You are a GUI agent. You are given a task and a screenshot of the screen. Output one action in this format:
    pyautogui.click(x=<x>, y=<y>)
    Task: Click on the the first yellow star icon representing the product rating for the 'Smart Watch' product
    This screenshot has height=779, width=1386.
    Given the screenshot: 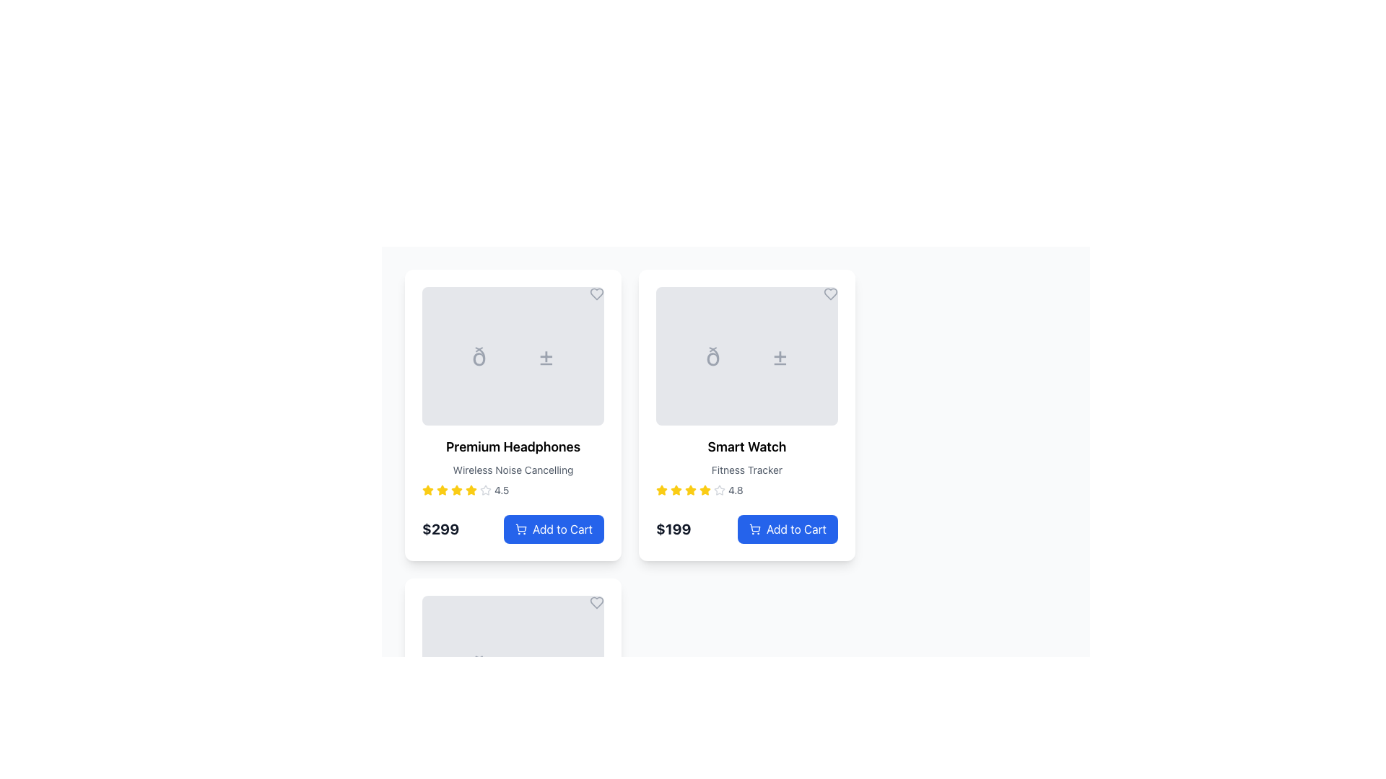 What is the action you would take?
    pyautogui.click(x=661, y=489)
    